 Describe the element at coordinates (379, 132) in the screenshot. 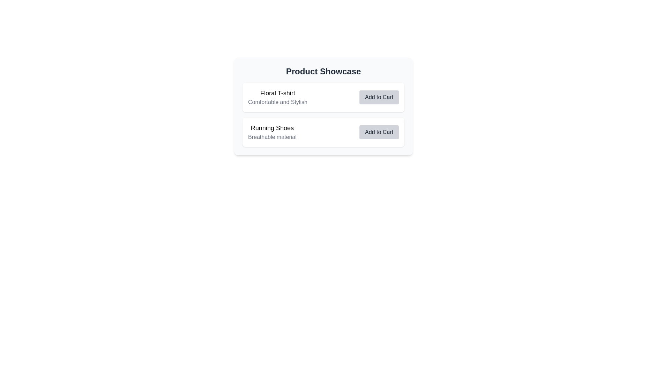

I see `'Add to Cart' button for the Running Shoes product` at that location.